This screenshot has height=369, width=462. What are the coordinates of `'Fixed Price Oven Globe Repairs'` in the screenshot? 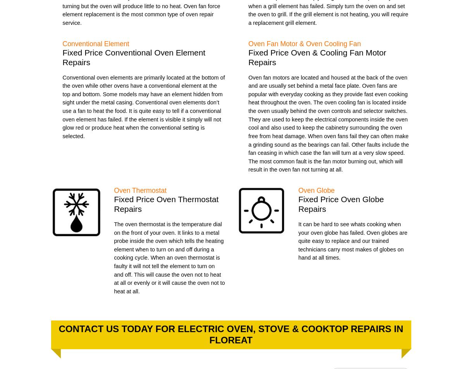 It's located at (341, 203).